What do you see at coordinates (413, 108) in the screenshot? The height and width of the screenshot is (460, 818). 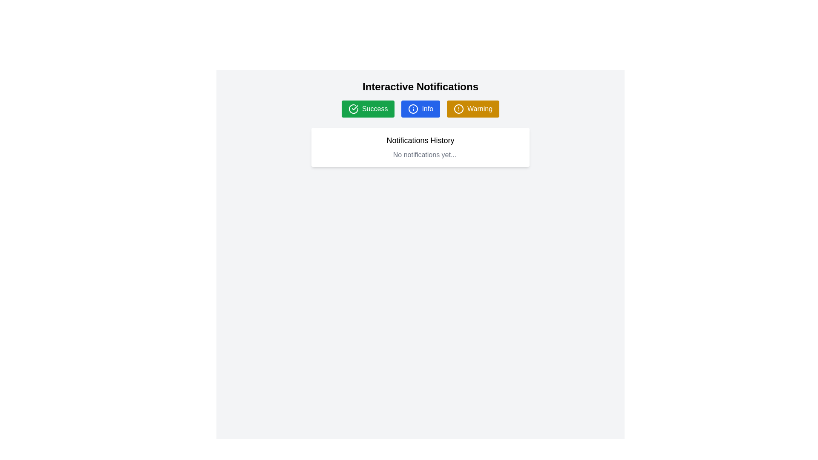 I see `the blue circular icon with a white border located at the center of the 'Info' button in the upper-center area of the interface` at bounding box center [413, 108].